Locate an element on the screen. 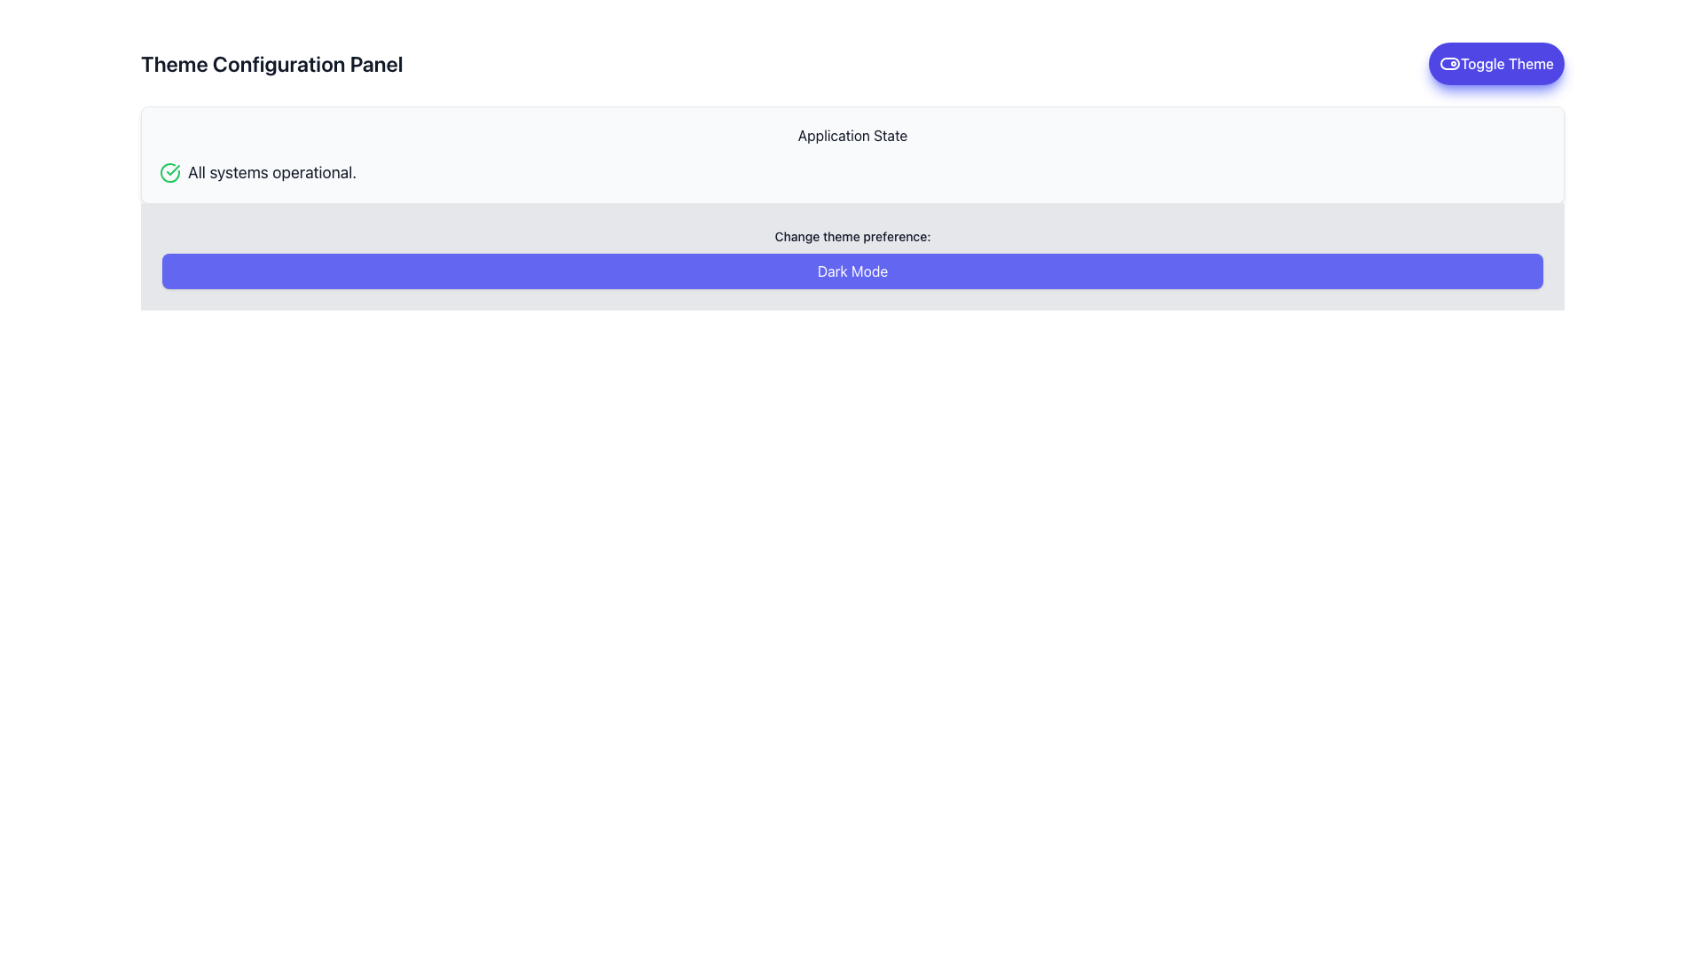  the 'Dark Mode' button, which is a rectangular button with white text on a deep indigo background, located below 'Change theme preference:' and horizontally centered is located at coordinates (852, 271).